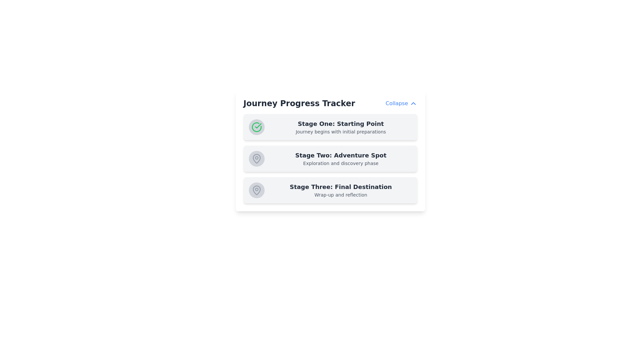 Image resolution: width=632 pixels, height=355 pixels. What do you see at coordinates (413, 104) in the screenshot?
I see `the chevron icon located at the top-right corner of the interface` at bounding box center [413, 104].